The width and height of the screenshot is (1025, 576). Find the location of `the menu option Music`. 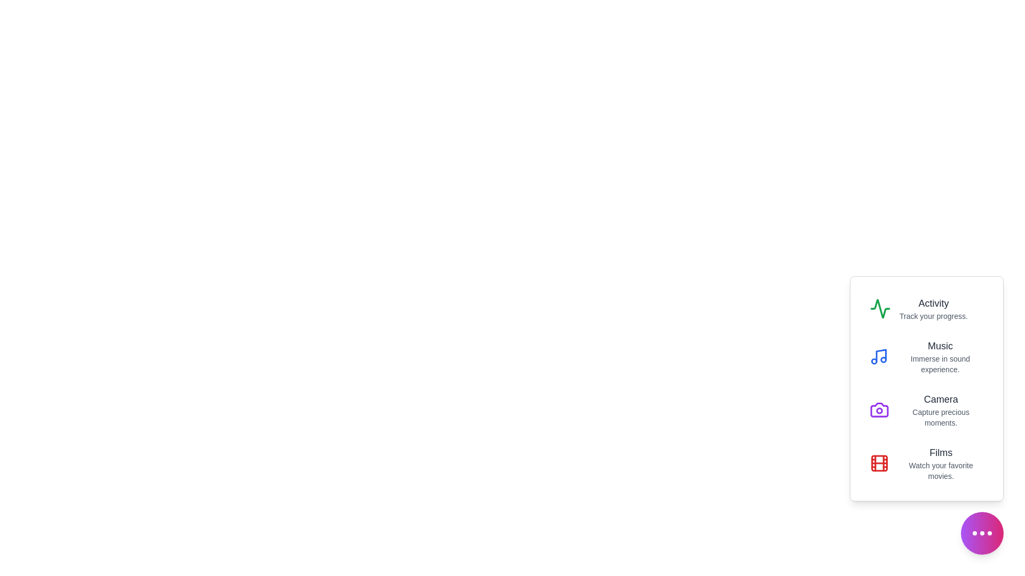

the menu option Music is located at coordinates (926, 356).